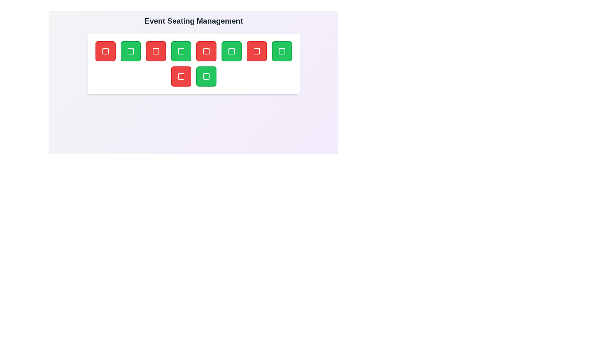  Describe the element at coordinates (206, 76) in the screenshot. I see `the selectable seat element labeled 'Seat 10' in the event seating management interface` at that location.